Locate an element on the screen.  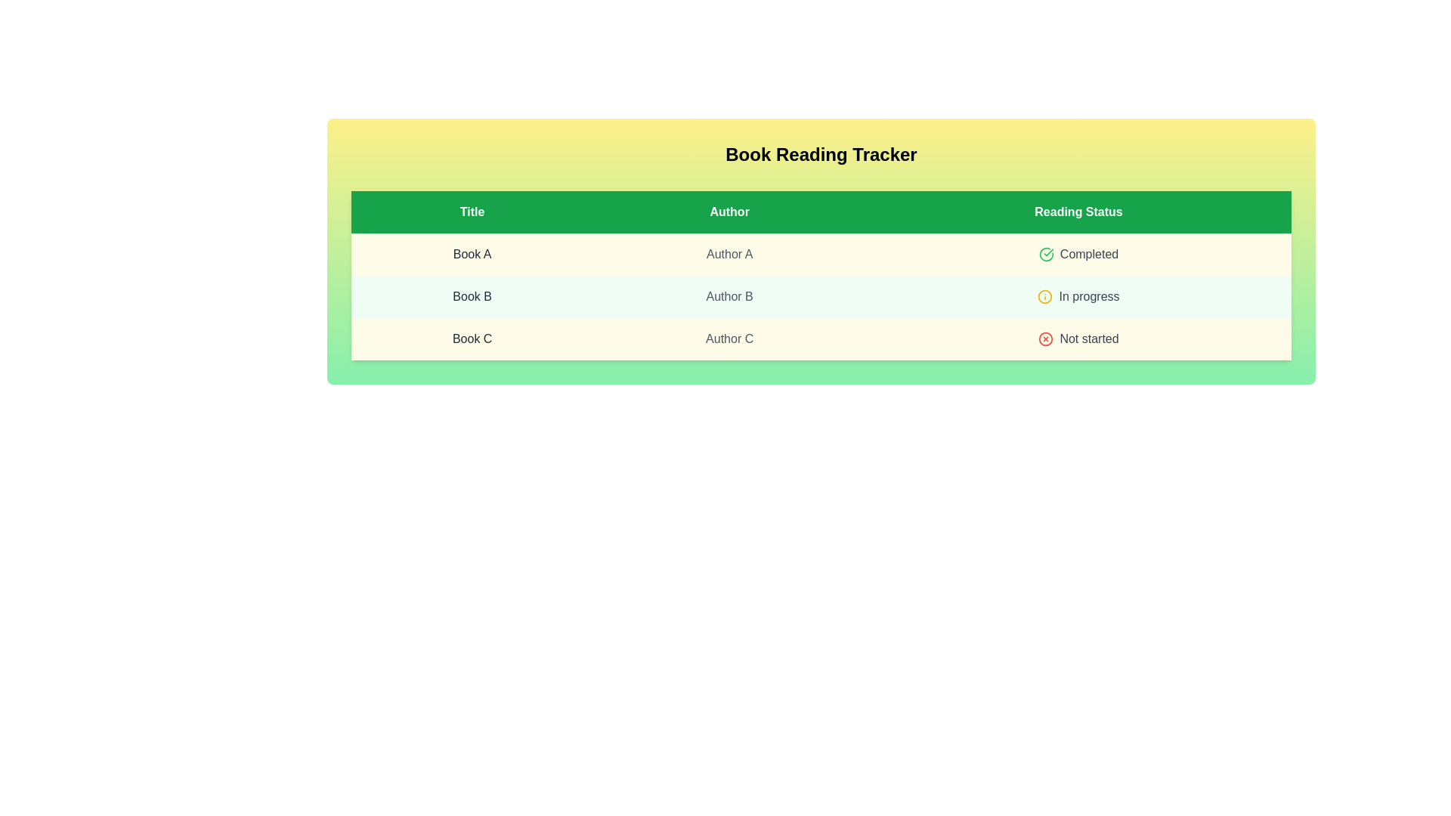
the status icon for the book with the status Completed is located at coordinates (1045, 253).